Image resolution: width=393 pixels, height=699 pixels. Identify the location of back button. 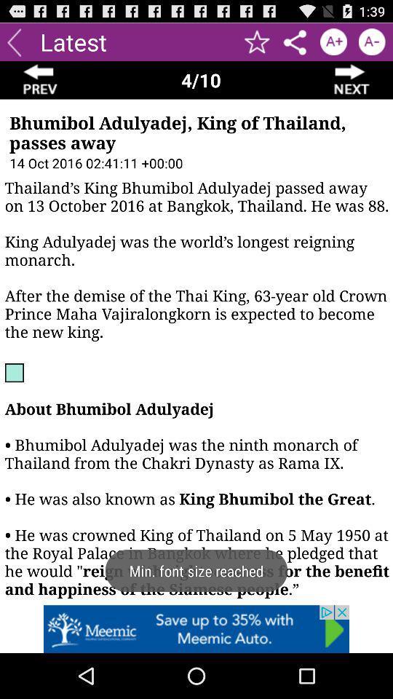
(13, 41).